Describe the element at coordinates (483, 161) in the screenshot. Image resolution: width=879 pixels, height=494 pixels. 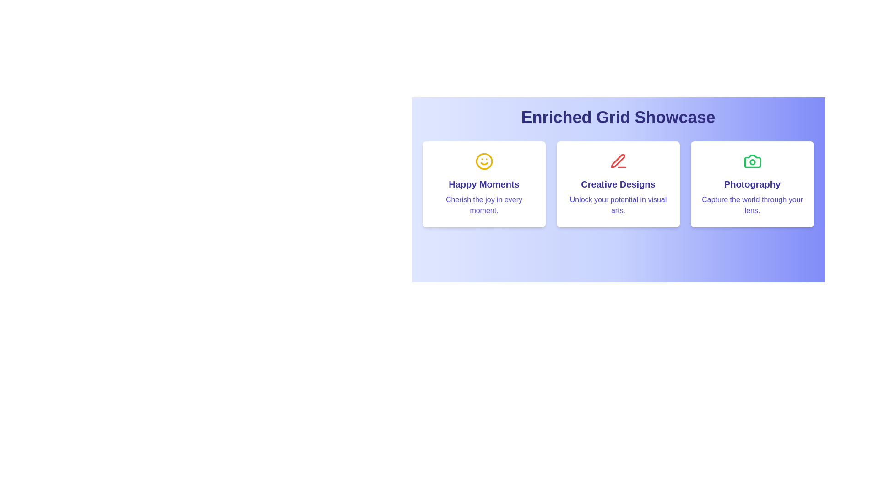
I see `the 'Happy Moments' card icon, which is the leftmost card in a three-item horizontal grid layout, conveying joy or happiness` at that location.